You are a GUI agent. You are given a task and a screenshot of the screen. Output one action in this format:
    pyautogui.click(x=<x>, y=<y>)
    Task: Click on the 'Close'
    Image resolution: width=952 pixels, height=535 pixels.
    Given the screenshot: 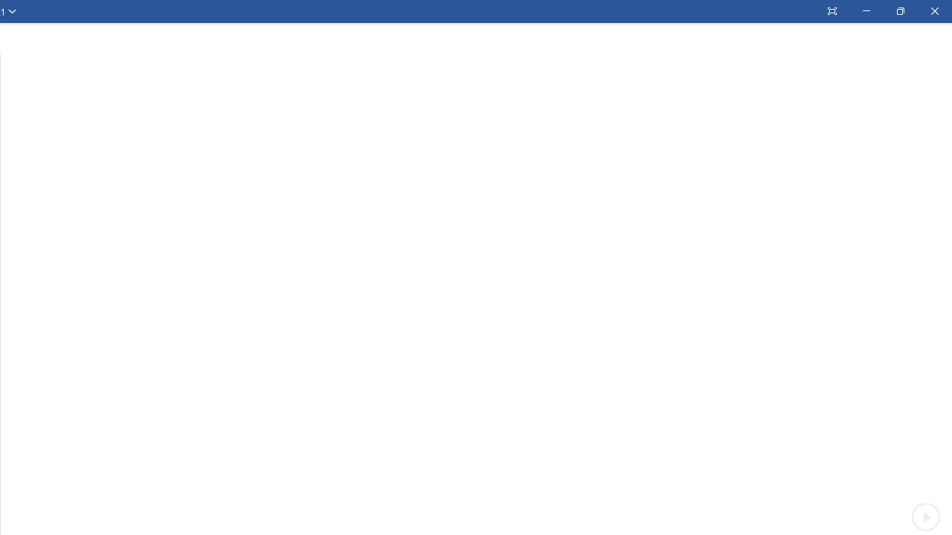 What is the action you would take?
    pyautogui.click(x=933, y=11)
    